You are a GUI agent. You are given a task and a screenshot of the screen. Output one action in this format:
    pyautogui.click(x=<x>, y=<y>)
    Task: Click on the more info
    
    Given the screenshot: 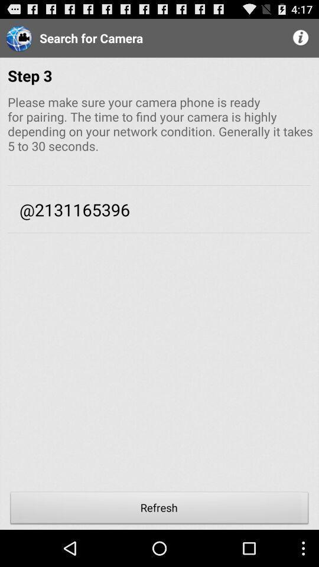 What is the action you would take?
    pyautogui.click(x=301, y=38)
    